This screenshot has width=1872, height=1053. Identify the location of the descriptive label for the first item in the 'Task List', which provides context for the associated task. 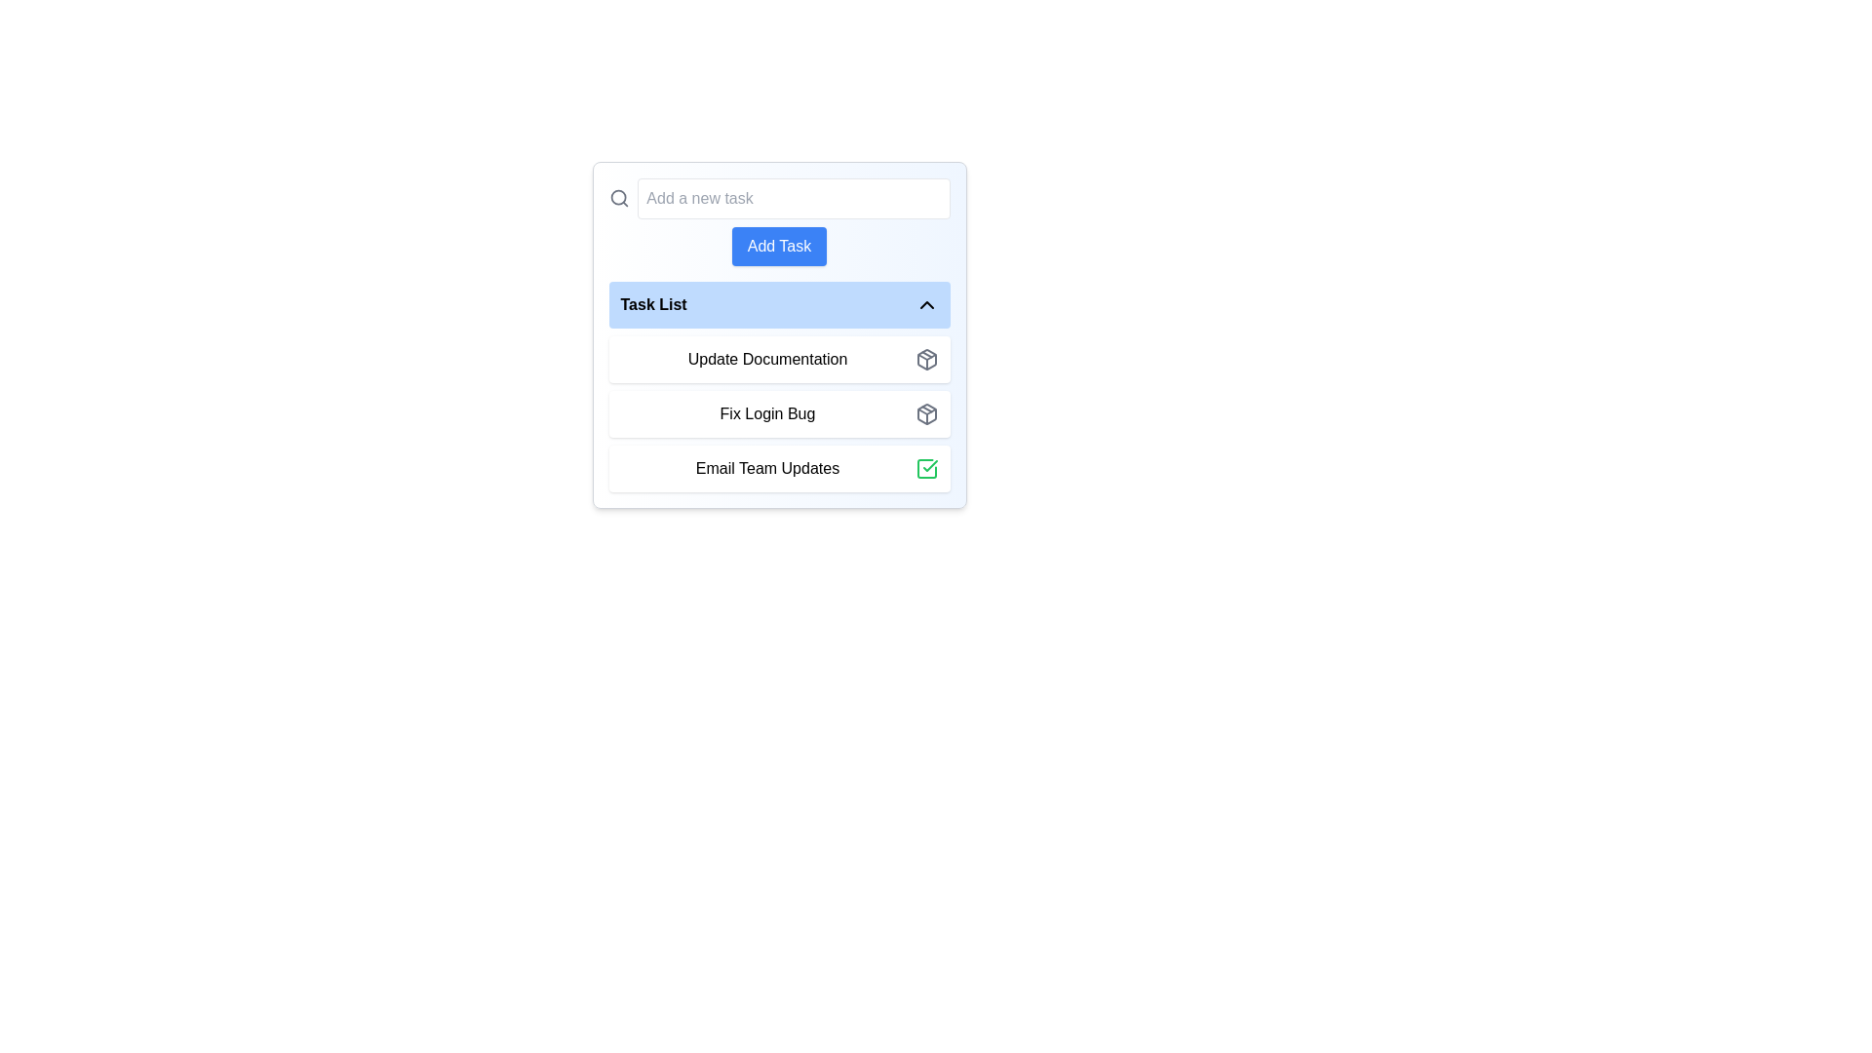
(766, 360).